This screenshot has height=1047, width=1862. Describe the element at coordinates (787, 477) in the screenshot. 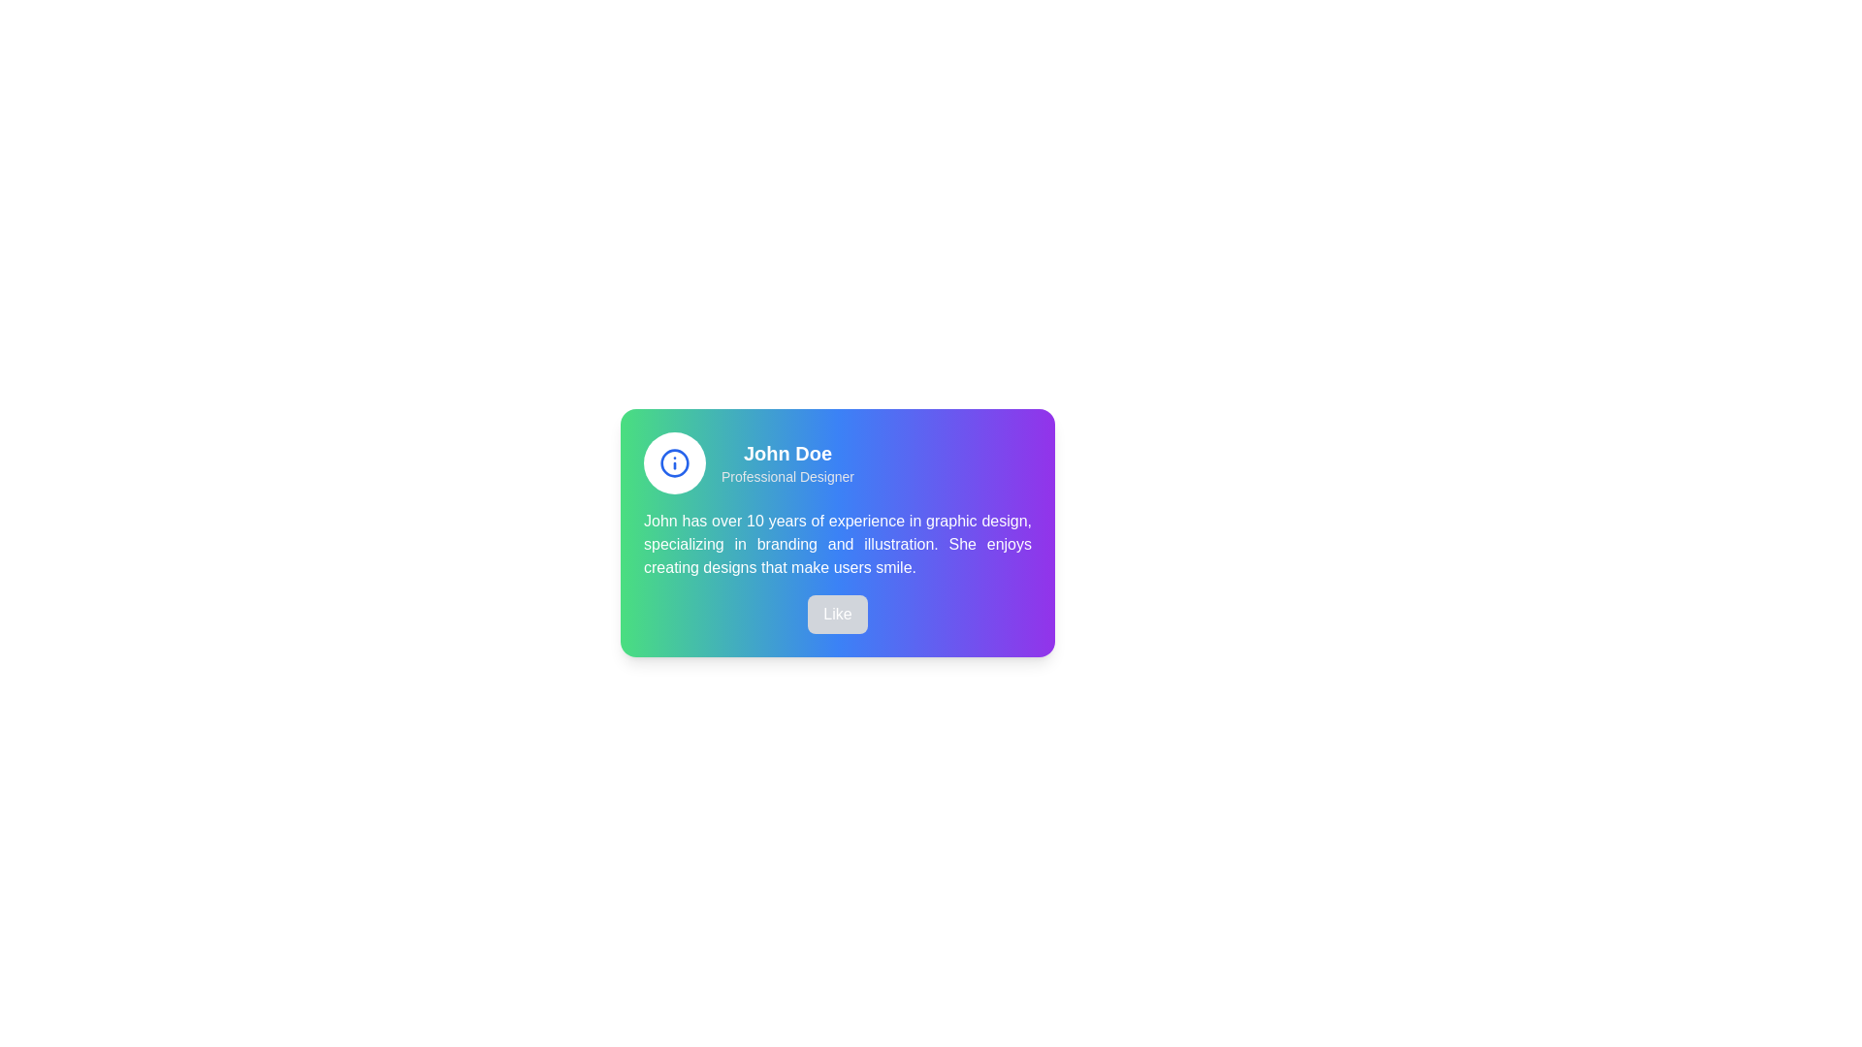

I see `the text label that contains 'Professional Designer', styled in small light gray text, located directly below 'John Doe' in a card-like interface` at that location.